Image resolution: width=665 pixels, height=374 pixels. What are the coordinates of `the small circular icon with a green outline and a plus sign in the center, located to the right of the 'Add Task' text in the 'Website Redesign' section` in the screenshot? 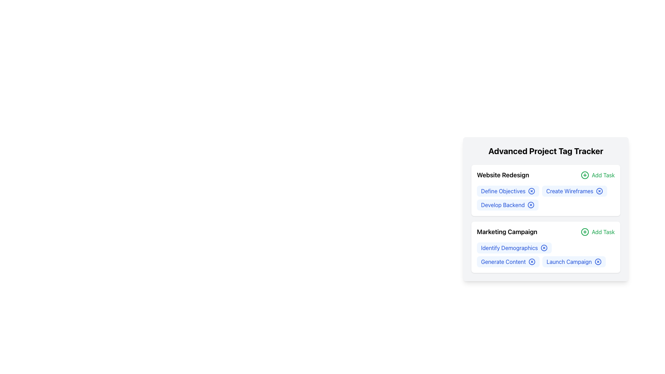 It's located at (584, 175).